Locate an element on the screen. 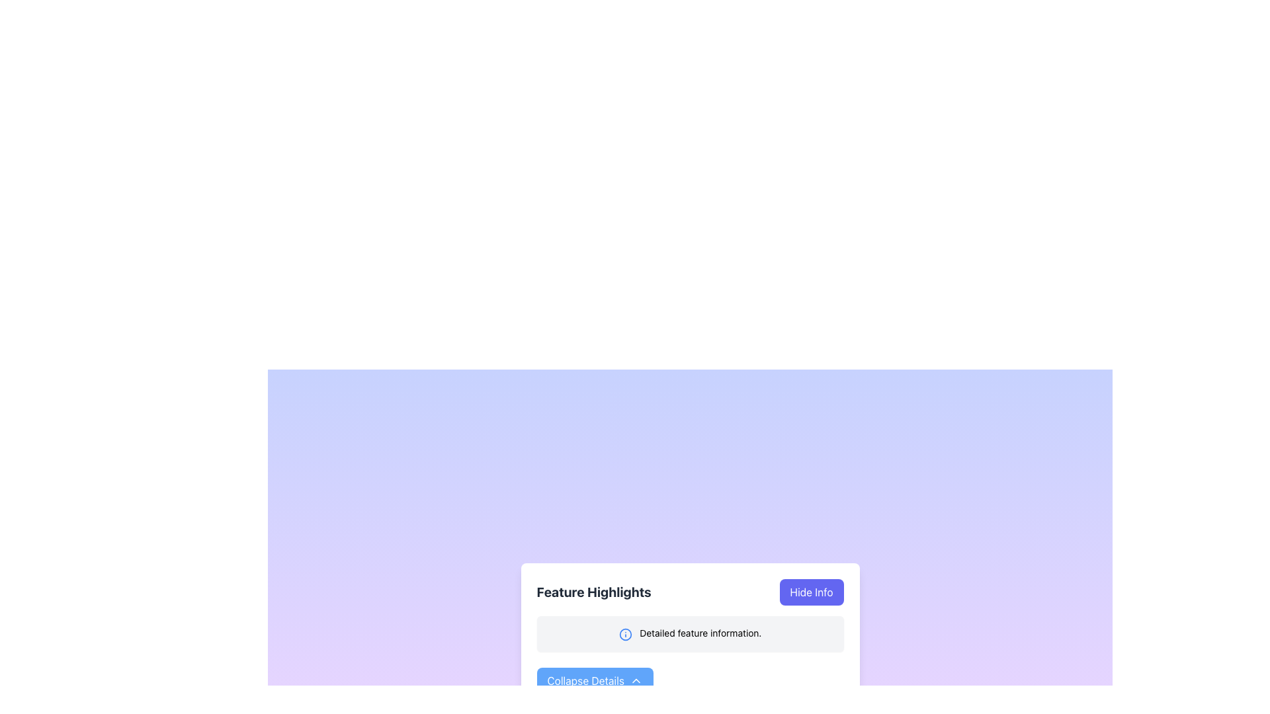  the chevron icon next to the 'Collapse Details' button is located at coordinates (636, 680).